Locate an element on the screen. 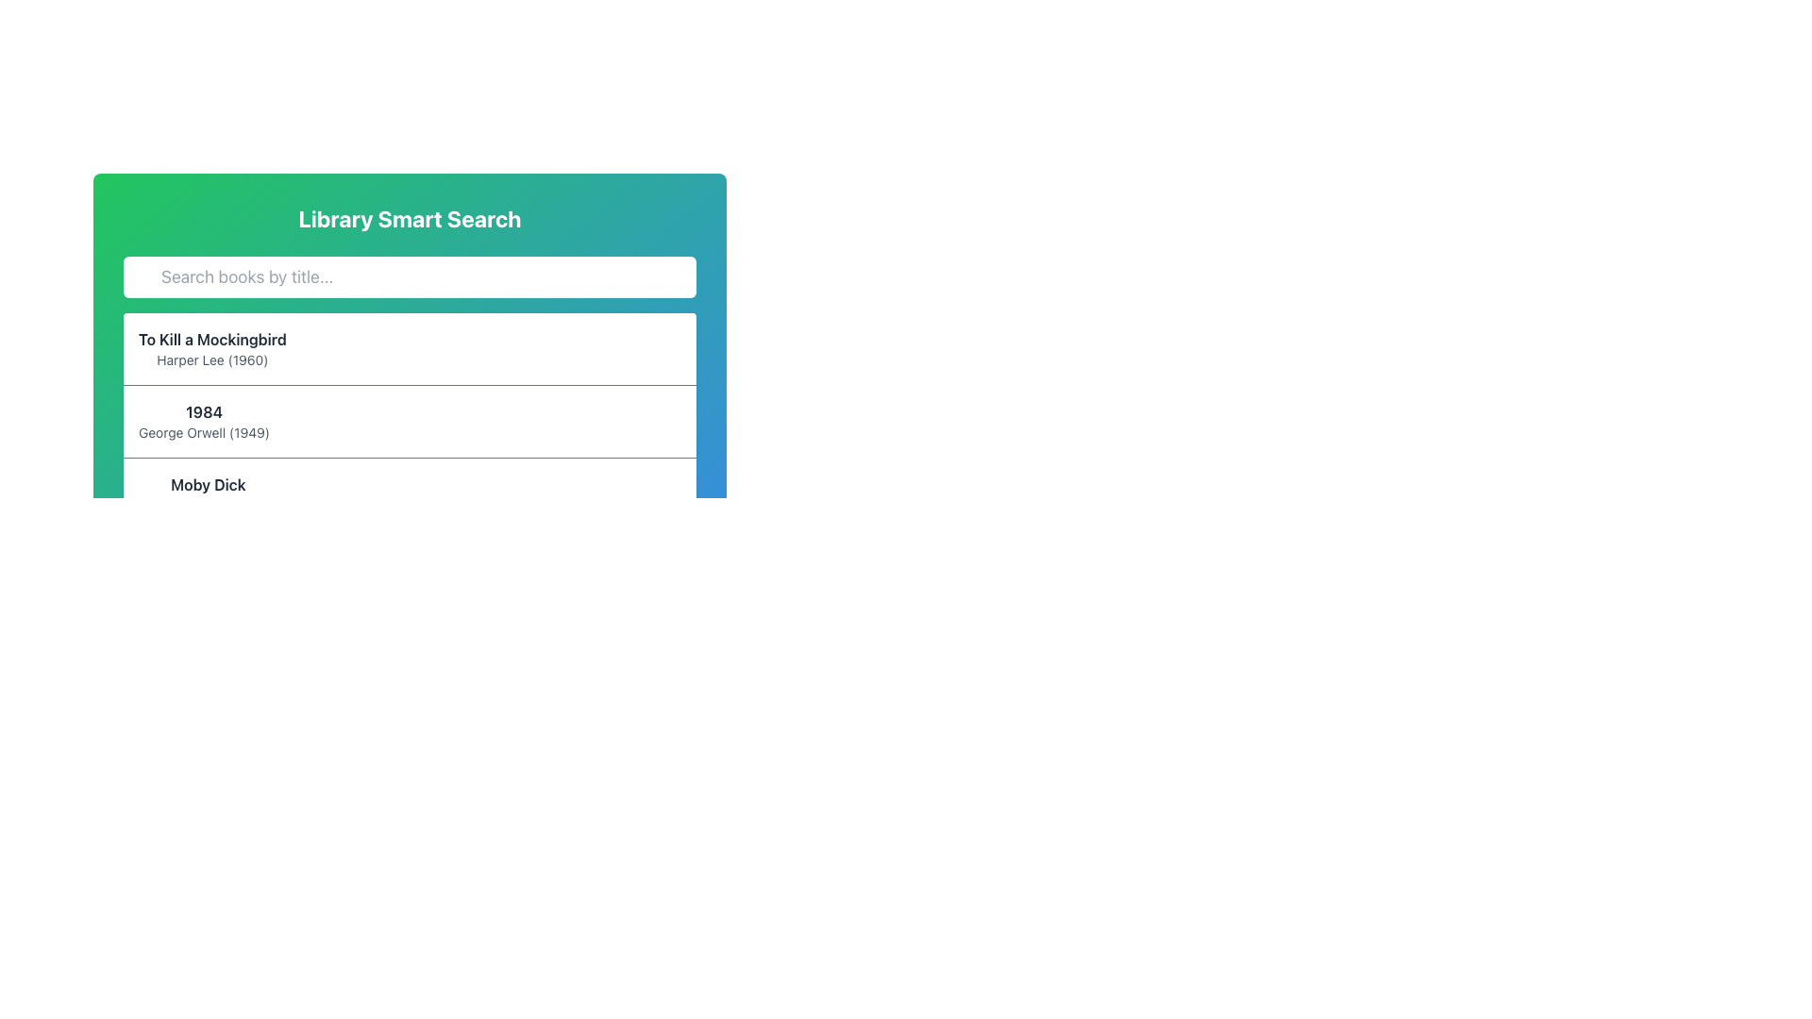 The image size is (1812, 1019). the text display for the book '1984' by George Orwell is located at coordinates (204, 421).